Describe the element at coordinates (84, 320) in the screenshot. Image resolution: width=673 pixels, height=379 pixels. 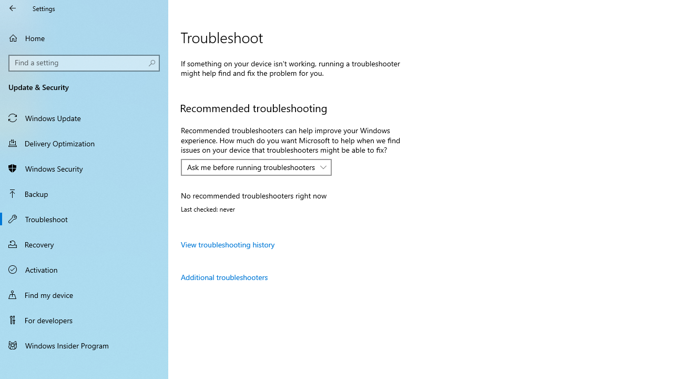
I see `'For developers'` at that location.